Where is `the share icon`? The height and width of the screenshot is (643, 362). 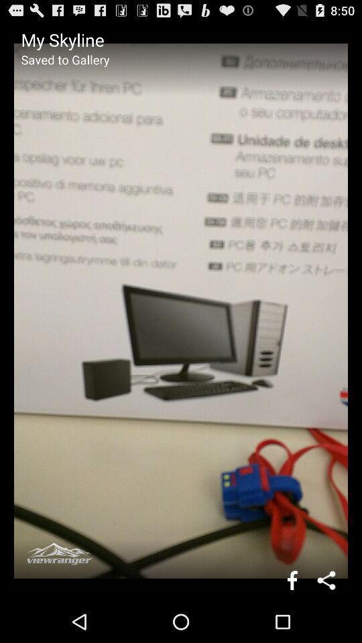
the share icon is located at coordinates (326, 621).